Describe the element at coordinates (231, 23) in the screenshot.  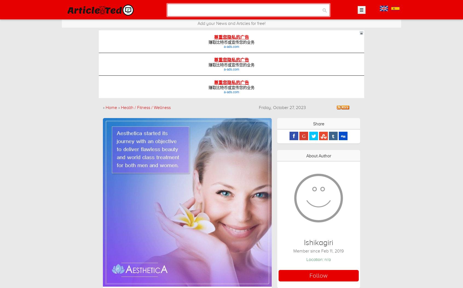
I see `'Add your News and Articles for free!'` at that location.